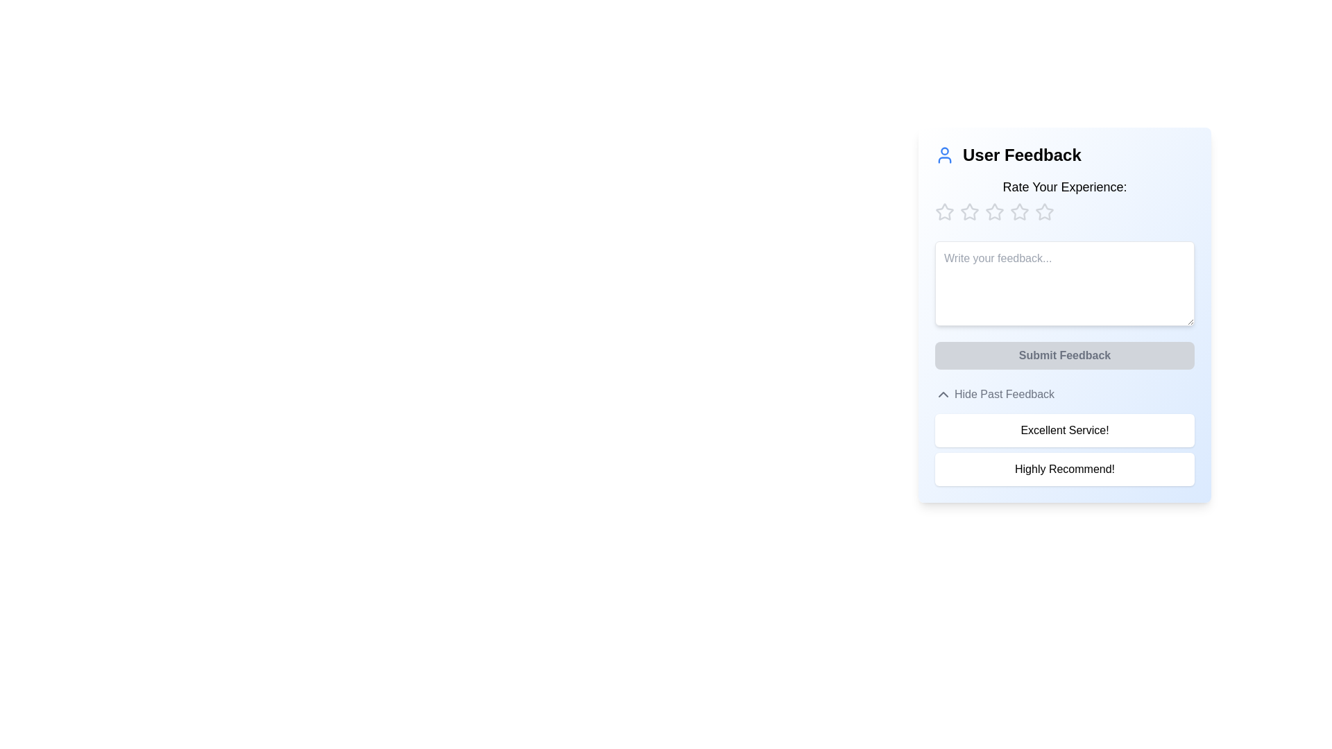 The image size is (1332, 749). Describe the element at coordinates (994, 212) in the screenshot. I see `the visual status of the second star icon in the User Feedback panel, which is part of a rating system` at that location.